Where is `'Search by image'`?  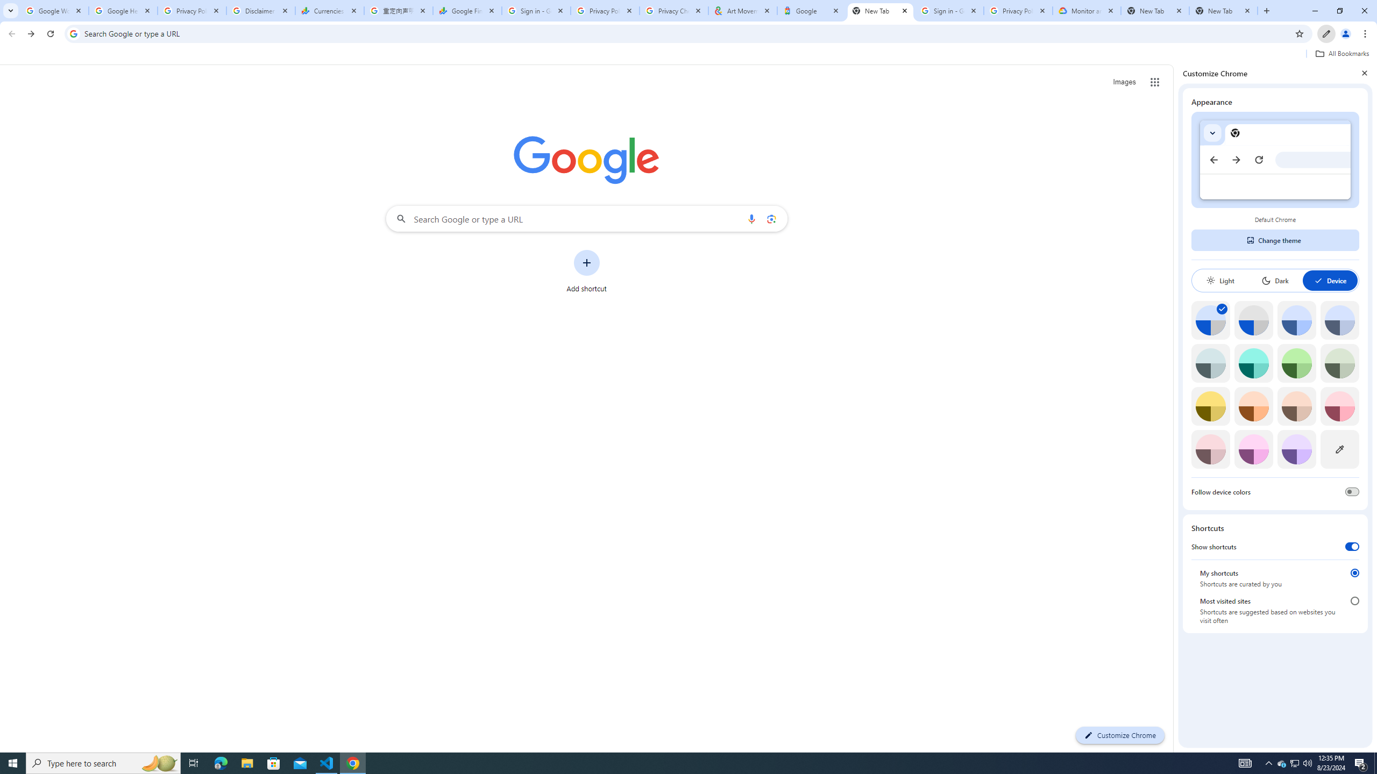
'Search by image' is located at coordinates (771, 218).